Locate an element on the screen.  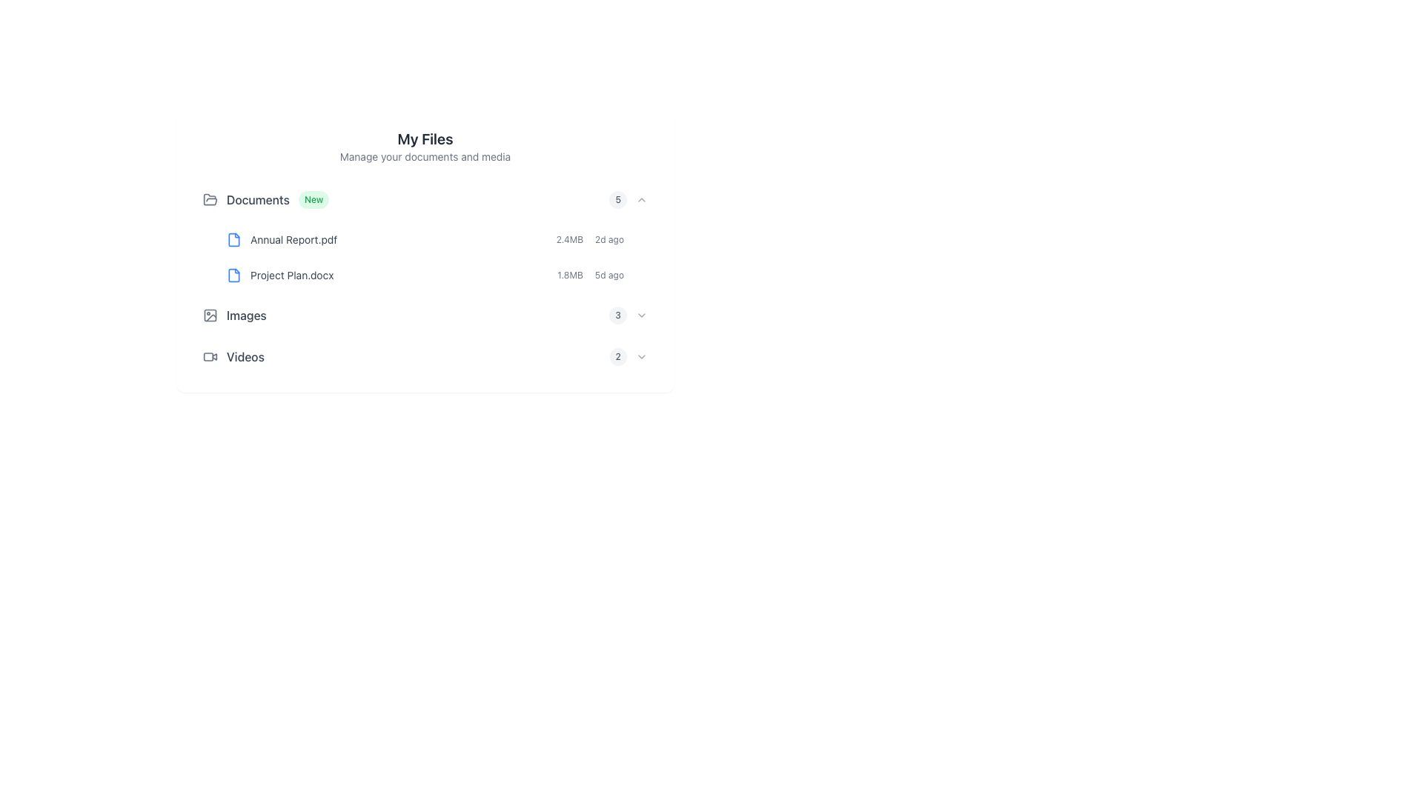
the 'Videos' text label, which is styled with a medium-weight font and gray color is located at coordinates (245, 357).